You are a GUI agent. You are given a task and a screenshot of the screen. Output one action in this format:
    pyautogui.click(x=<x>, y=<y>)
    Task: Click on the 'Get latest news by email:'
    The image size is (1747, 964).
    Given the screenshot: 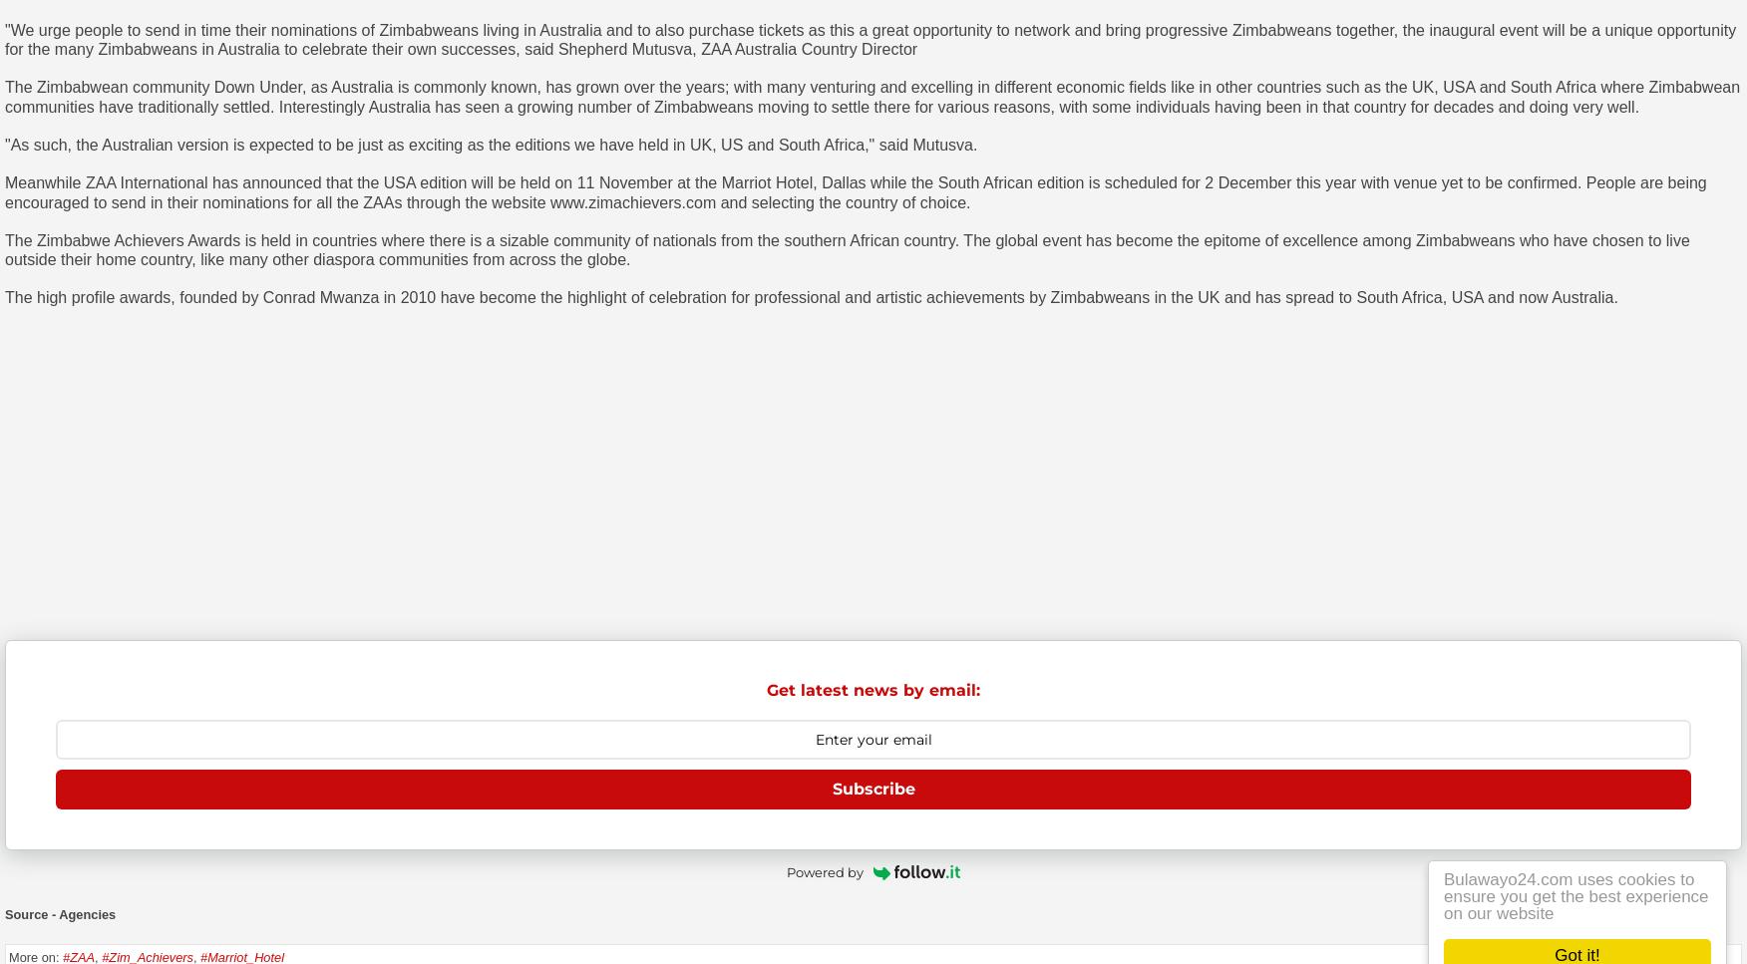 What is the action you would take?
    pyautogui.click(x=766, y=690)
    